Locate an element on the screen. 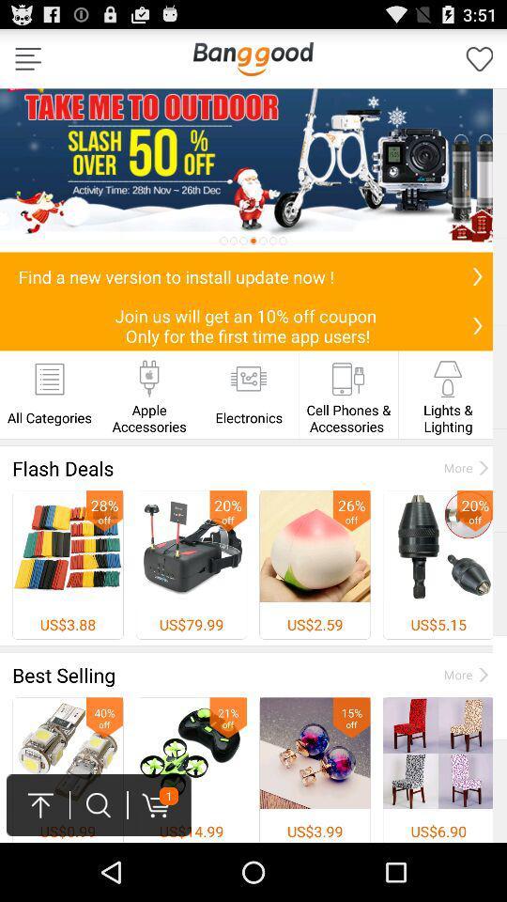 Image resolution: width=507 pixels, height=902 pixels. the bang good option is located at coordinates (253, 58).